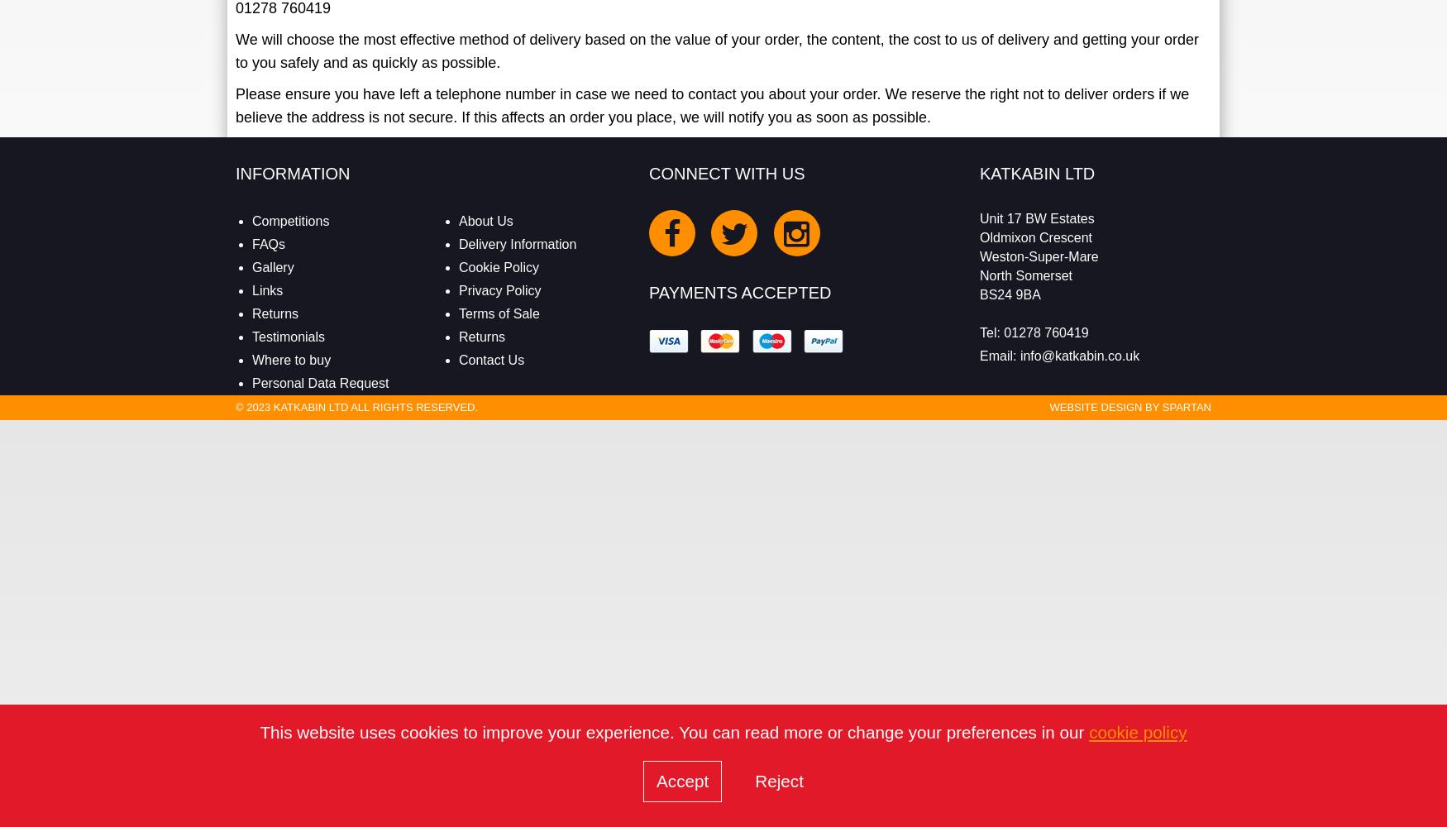 The width and height of the screenshot is (1447, 827). What do you see at coordinates (251, 266) in the screenshot?
I see `'Gallery'` at bounding box center [251, 266].